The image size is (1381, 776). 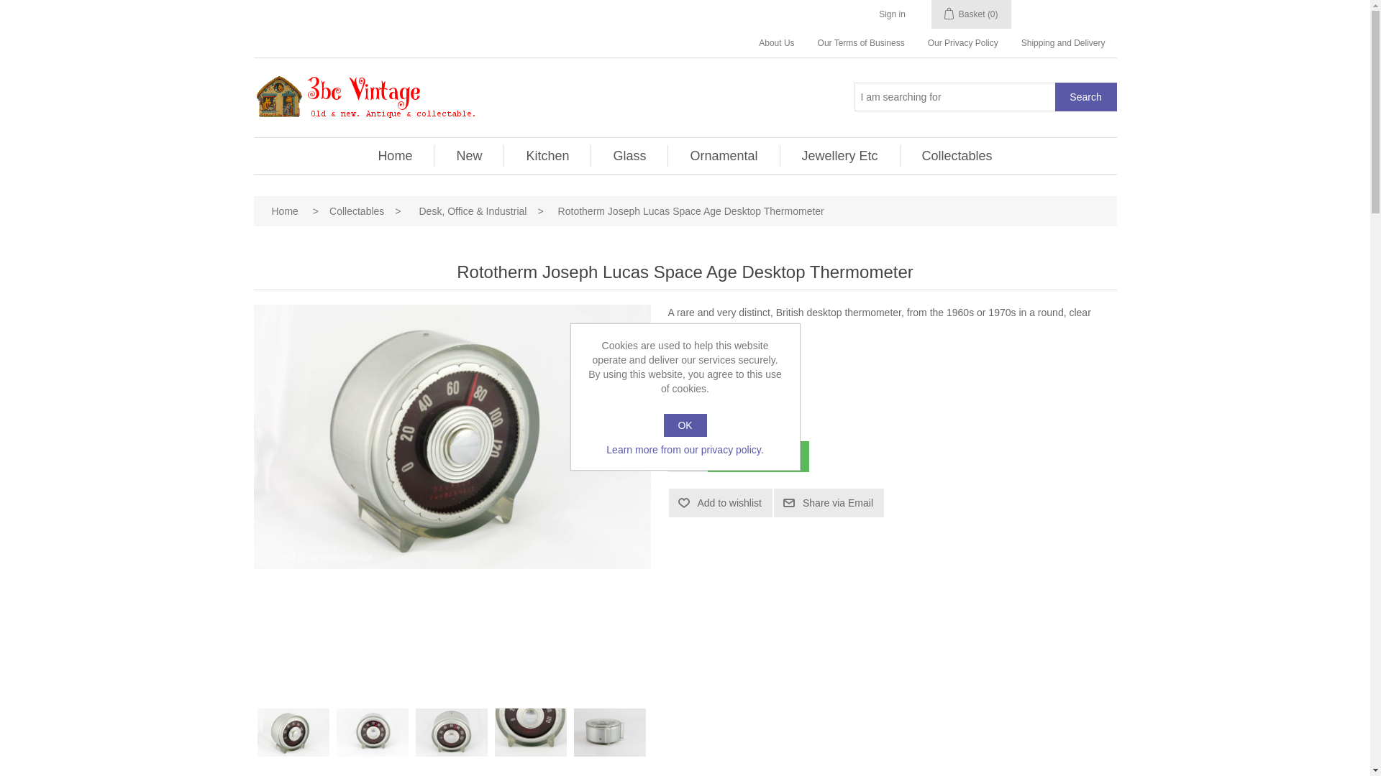 What do you see at coordinates (1085, 96) in the screenshot?
I see `'Search'` at bounding box center [1085, 96].